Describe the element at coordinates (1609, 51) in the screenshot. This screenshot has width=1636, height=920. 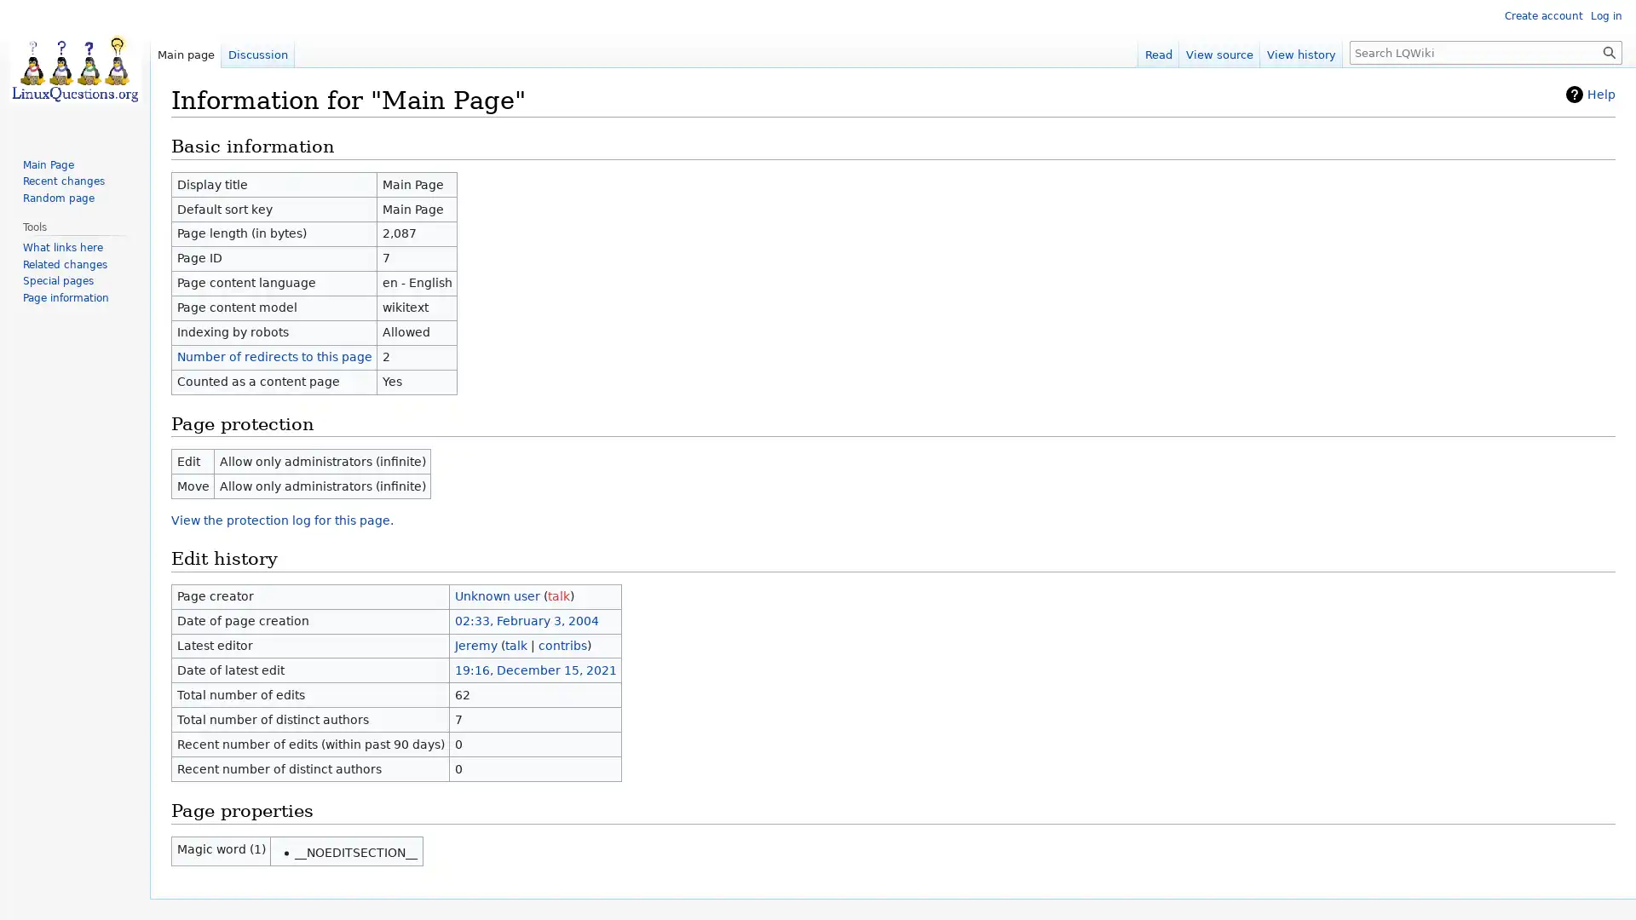
I see `Search` at that location.